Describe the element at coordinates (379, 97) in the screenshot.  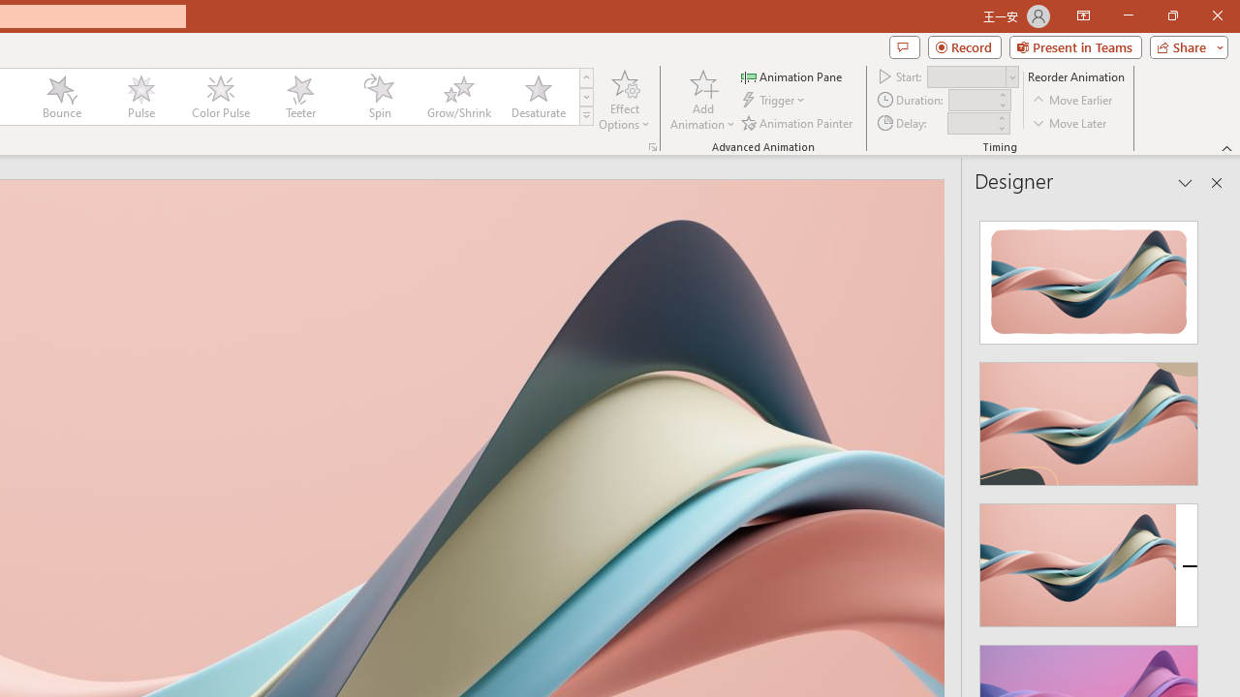
I see `'Spin'` at that location.